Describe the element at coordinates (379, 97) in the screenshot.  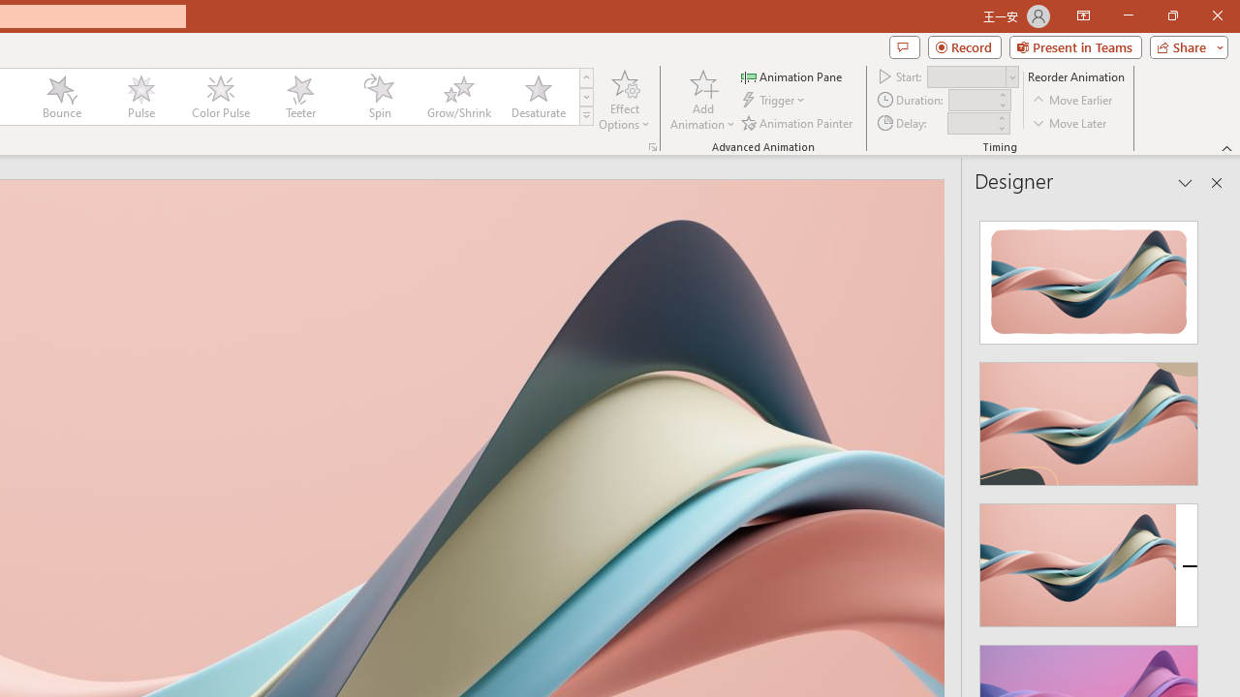
I see `'Spin'` at that location.